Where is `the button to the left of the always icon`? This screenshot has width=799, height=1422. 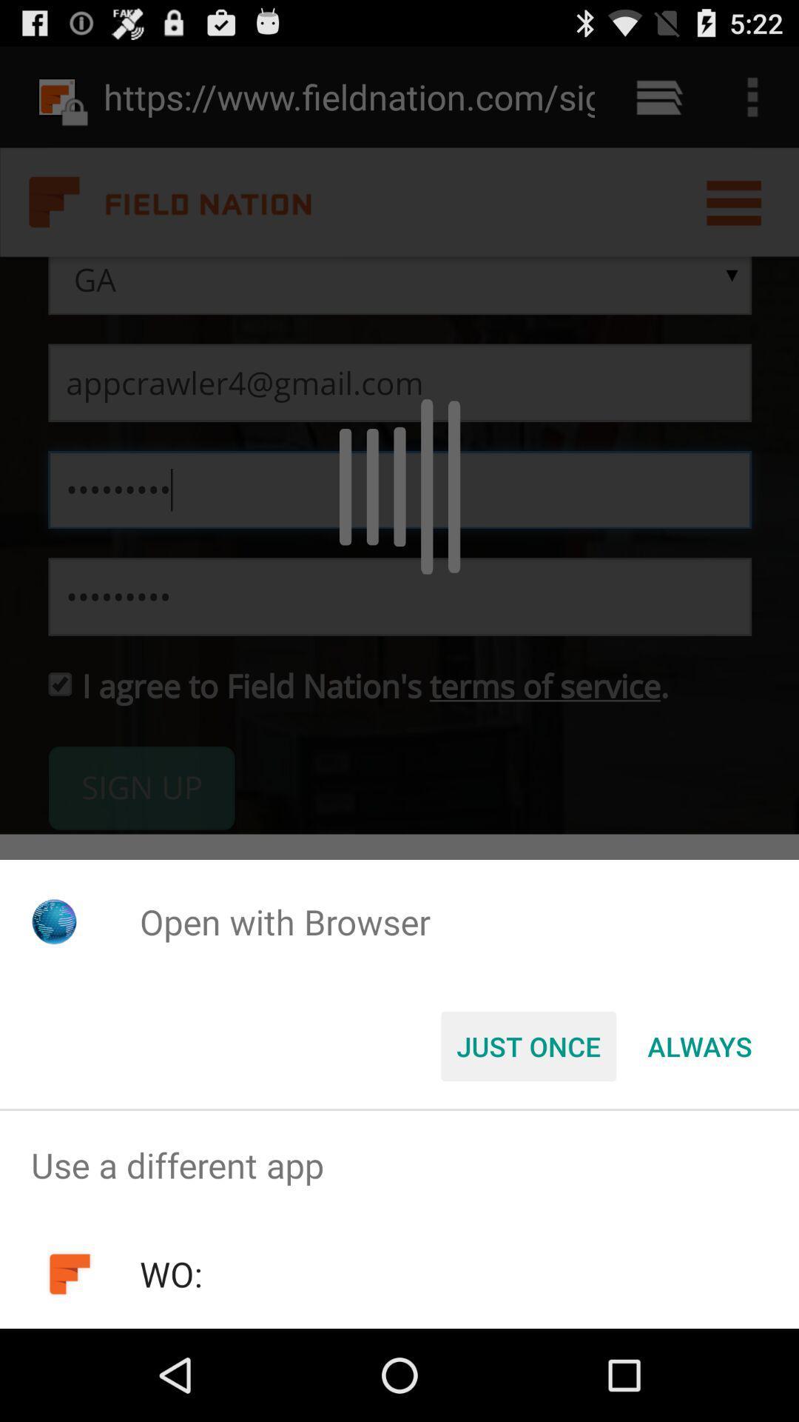
the button to the left of the always icon is located at coordinates (527, 1045).